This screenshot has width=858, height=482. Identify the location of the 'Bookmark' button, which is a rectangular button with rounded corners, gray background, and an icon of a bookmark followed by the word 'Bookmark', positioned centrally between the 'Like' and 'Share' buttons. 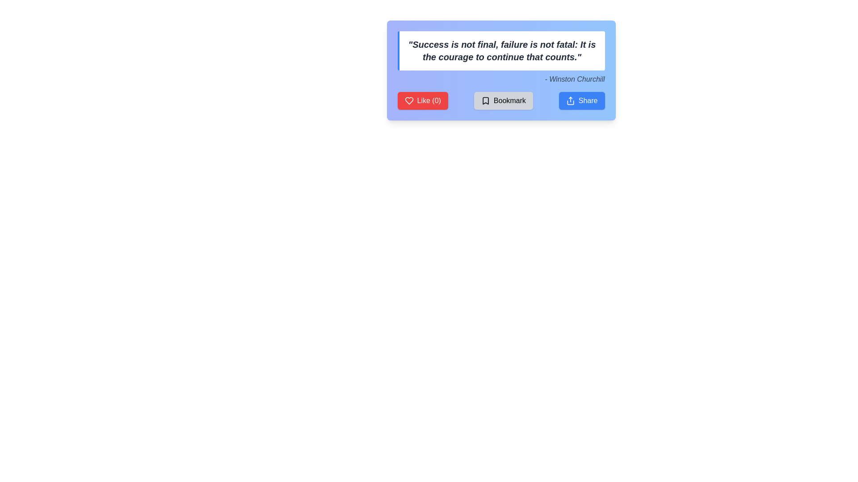
(503, 100).